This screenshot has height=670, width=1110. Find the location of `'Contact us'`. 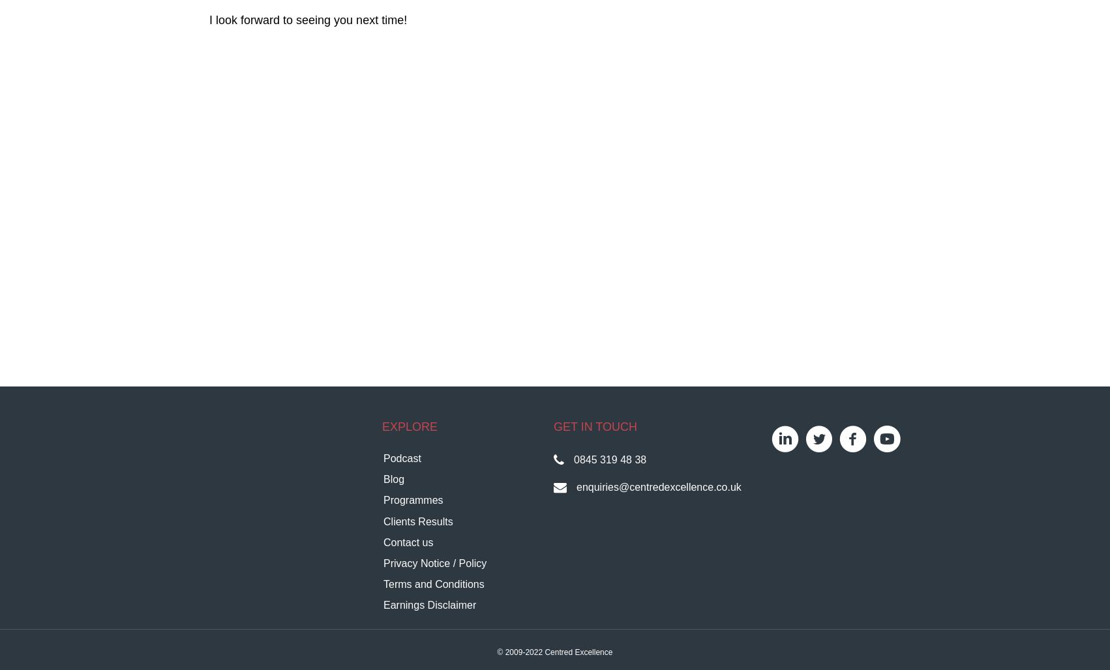

'Contact us' is located at coordinates (408, 542).